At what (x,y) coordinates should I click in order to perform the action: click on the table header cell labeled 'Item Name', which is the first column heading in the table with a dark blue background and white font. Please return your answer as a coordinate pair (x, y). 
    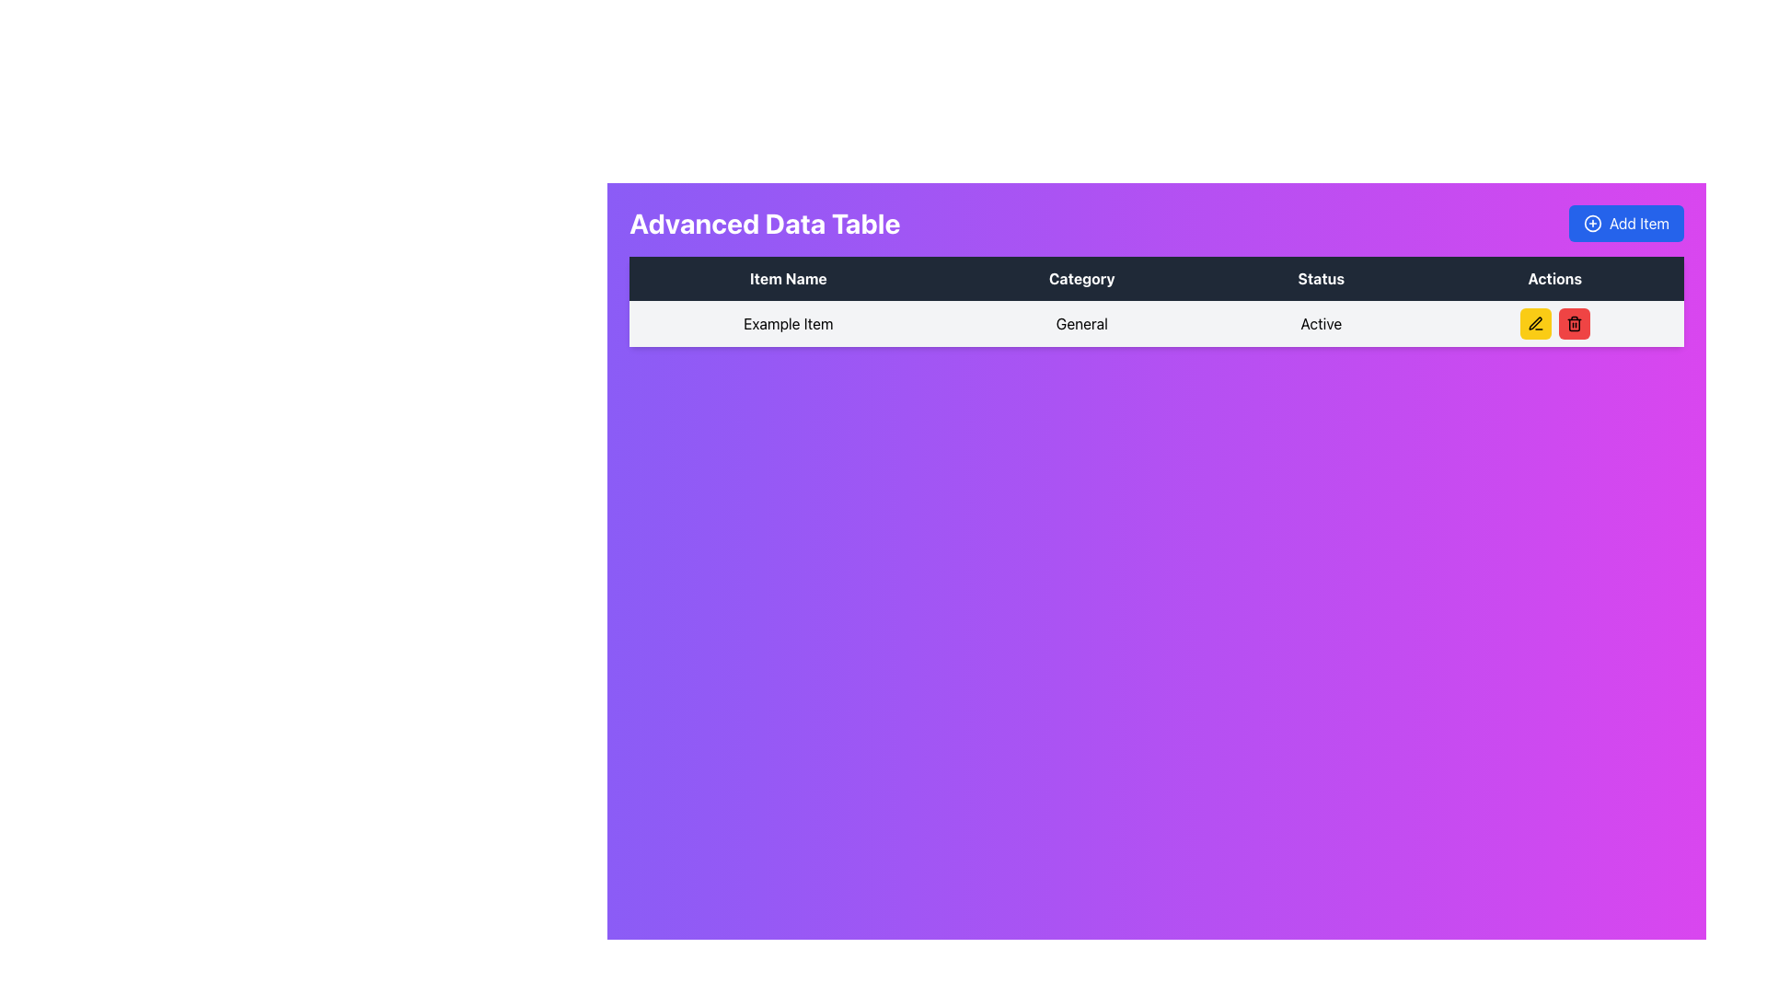
    Looking at the image, I should click on (788, 279).